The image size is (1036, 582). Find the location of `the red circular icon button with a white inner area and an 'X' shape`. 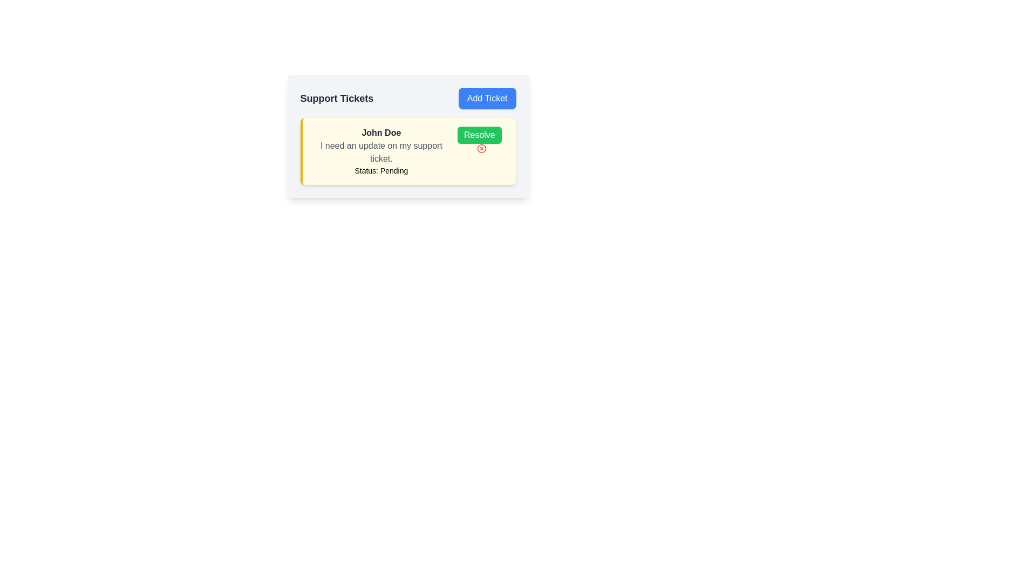

the red circular icon button with a white inner area and an 'X' shape is located at coordinates (481, 149).